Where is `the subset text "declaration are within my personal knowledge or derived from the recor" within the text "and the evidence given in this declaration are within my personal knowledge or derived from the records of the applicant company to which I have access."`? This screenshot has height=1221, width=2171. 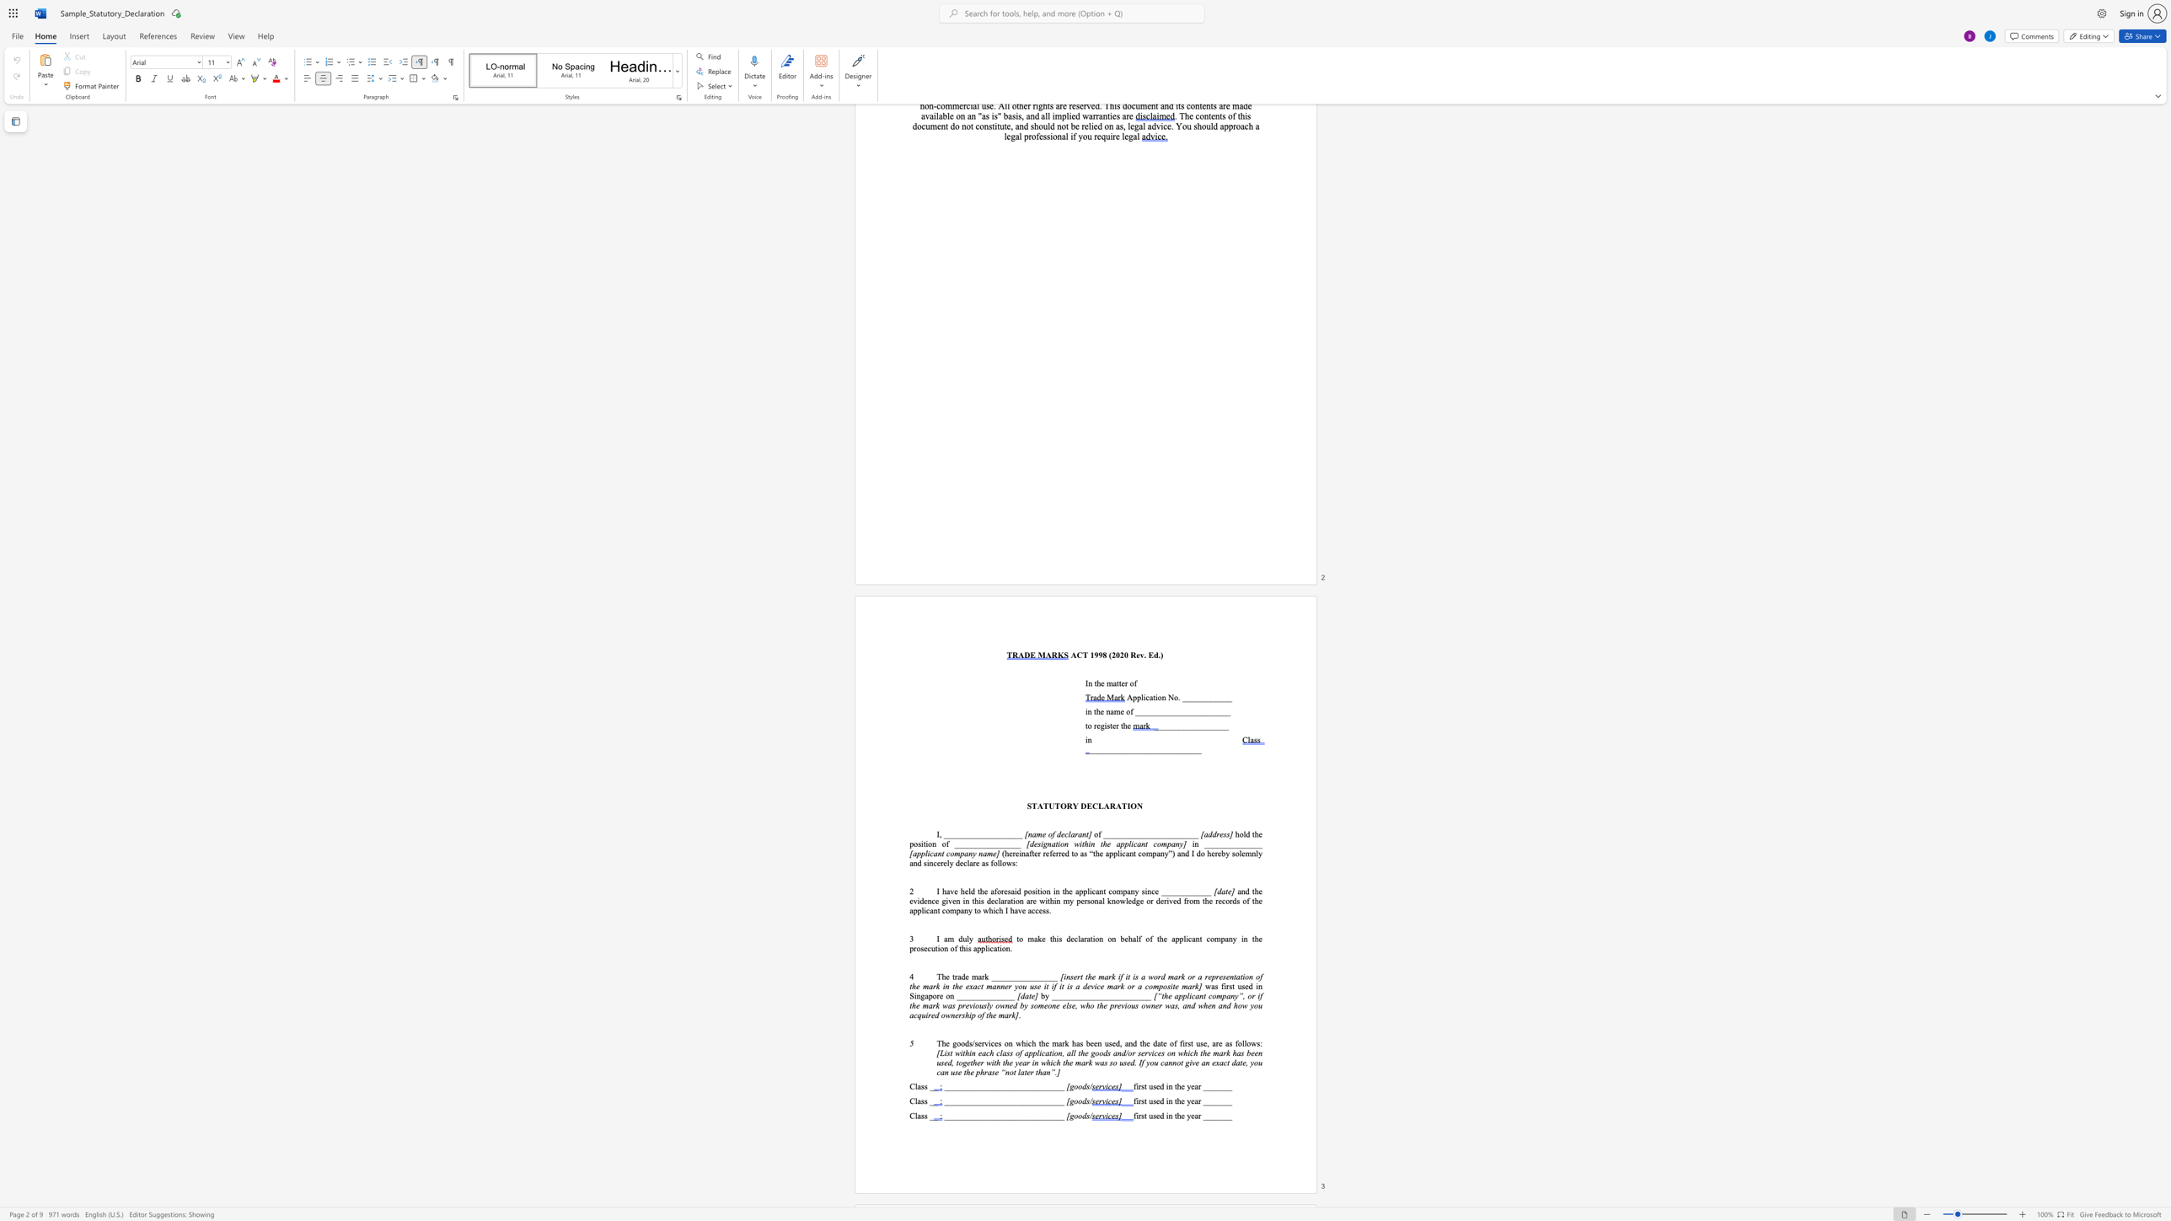
the subset text "declaration are within my personal knowledge or derived from the recor" within the text "and the evidence given in this declaration are within my personal knowledge or derived from the records of the applicant company to which I have access." is located at coordinates (985, 901).